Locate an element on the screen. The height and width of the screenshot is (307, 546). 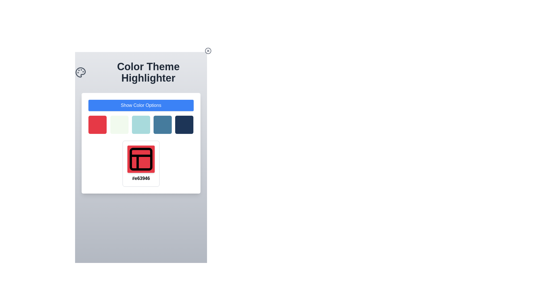
the Decorative Icon located in the top left corner of the interface, representing a color palette is located at coordinates (80, 72).